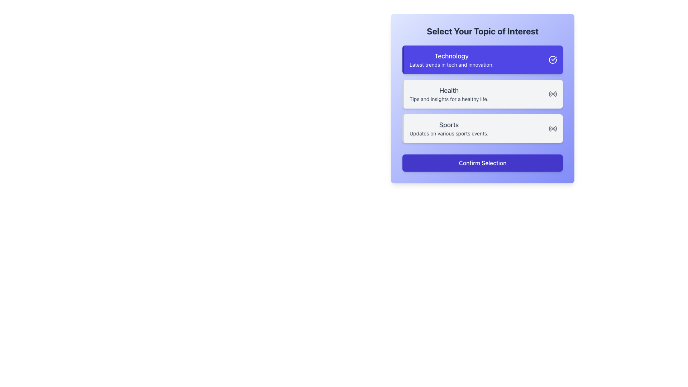  What do you see at coordinates (449, 90) in the screenshot?
I see `'Health' text label located in the second vertically stacked card, positioned above the descriptive text 'Tips and insights for a healthy life.'` at bounding box center [449, 90].